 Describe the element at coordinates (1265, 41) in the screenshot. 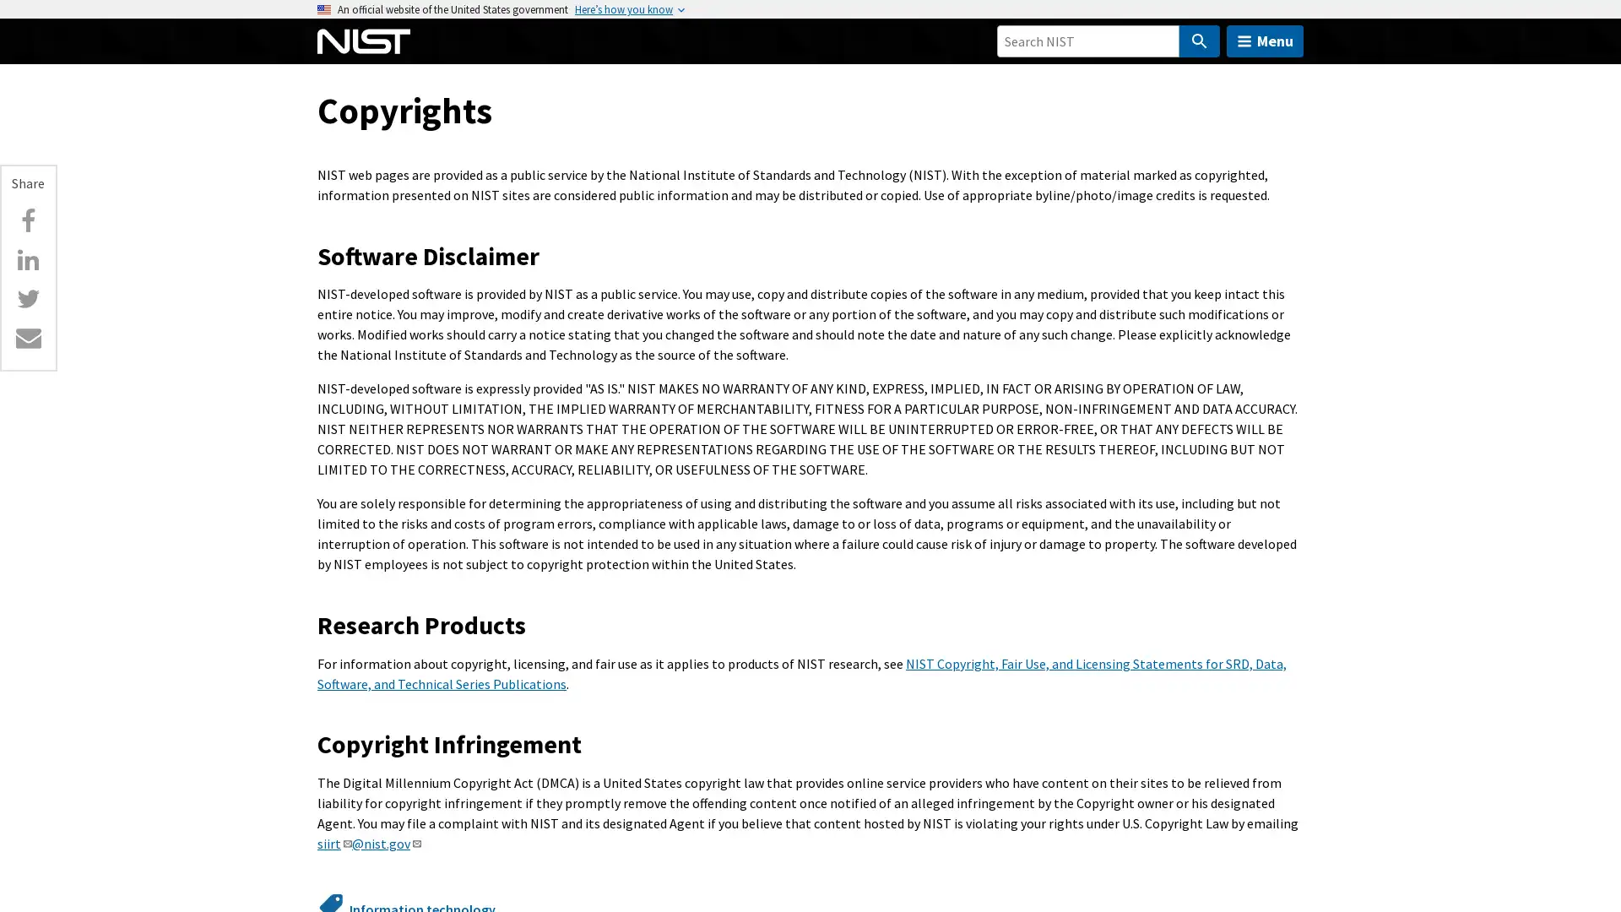

I see `Menu` at that location.